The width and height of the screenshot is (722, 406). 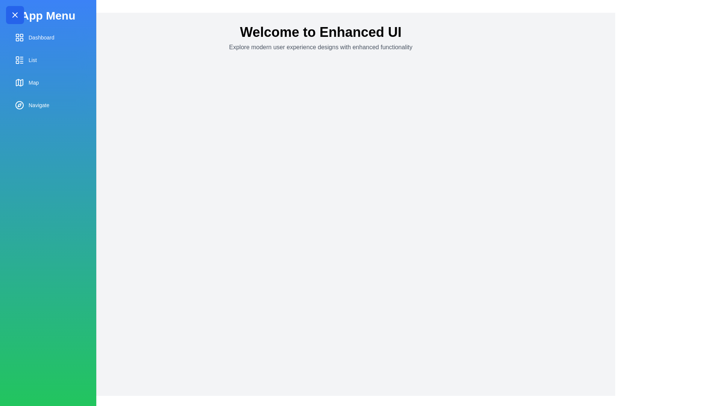 I want to click on the menu item labeled Map, so click(x=48, y=82).